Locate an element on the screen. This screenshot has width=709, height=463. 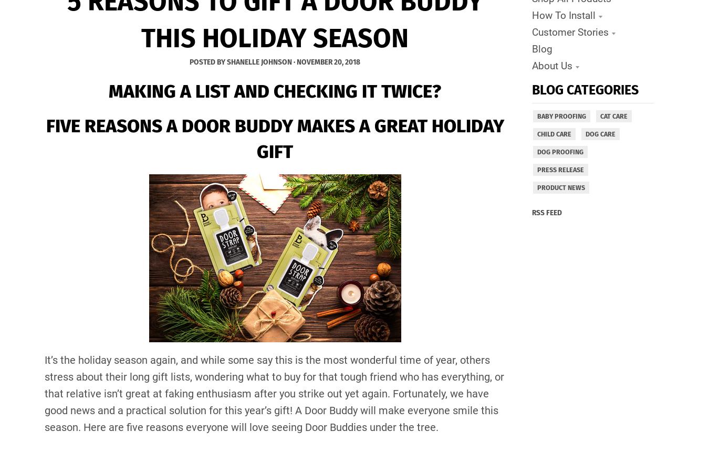
'Shanelle Johnson' is located at coordinates (258, 61).